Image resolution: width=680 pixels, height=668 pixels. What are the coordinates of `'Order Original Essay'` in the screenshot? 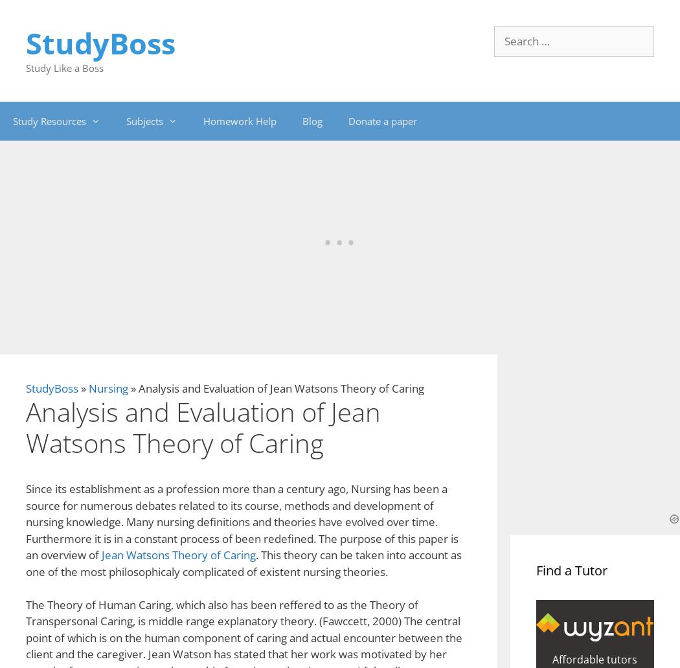 It's located at (115, 526).